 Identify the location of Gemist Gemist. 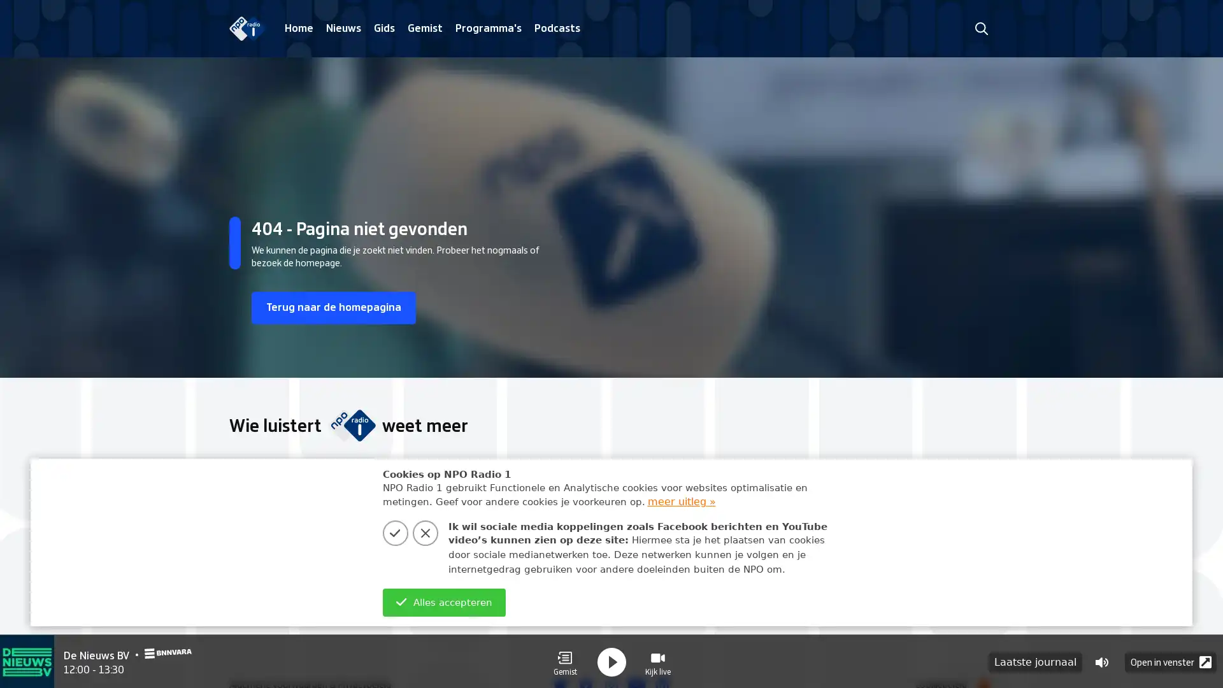
(564, 660).